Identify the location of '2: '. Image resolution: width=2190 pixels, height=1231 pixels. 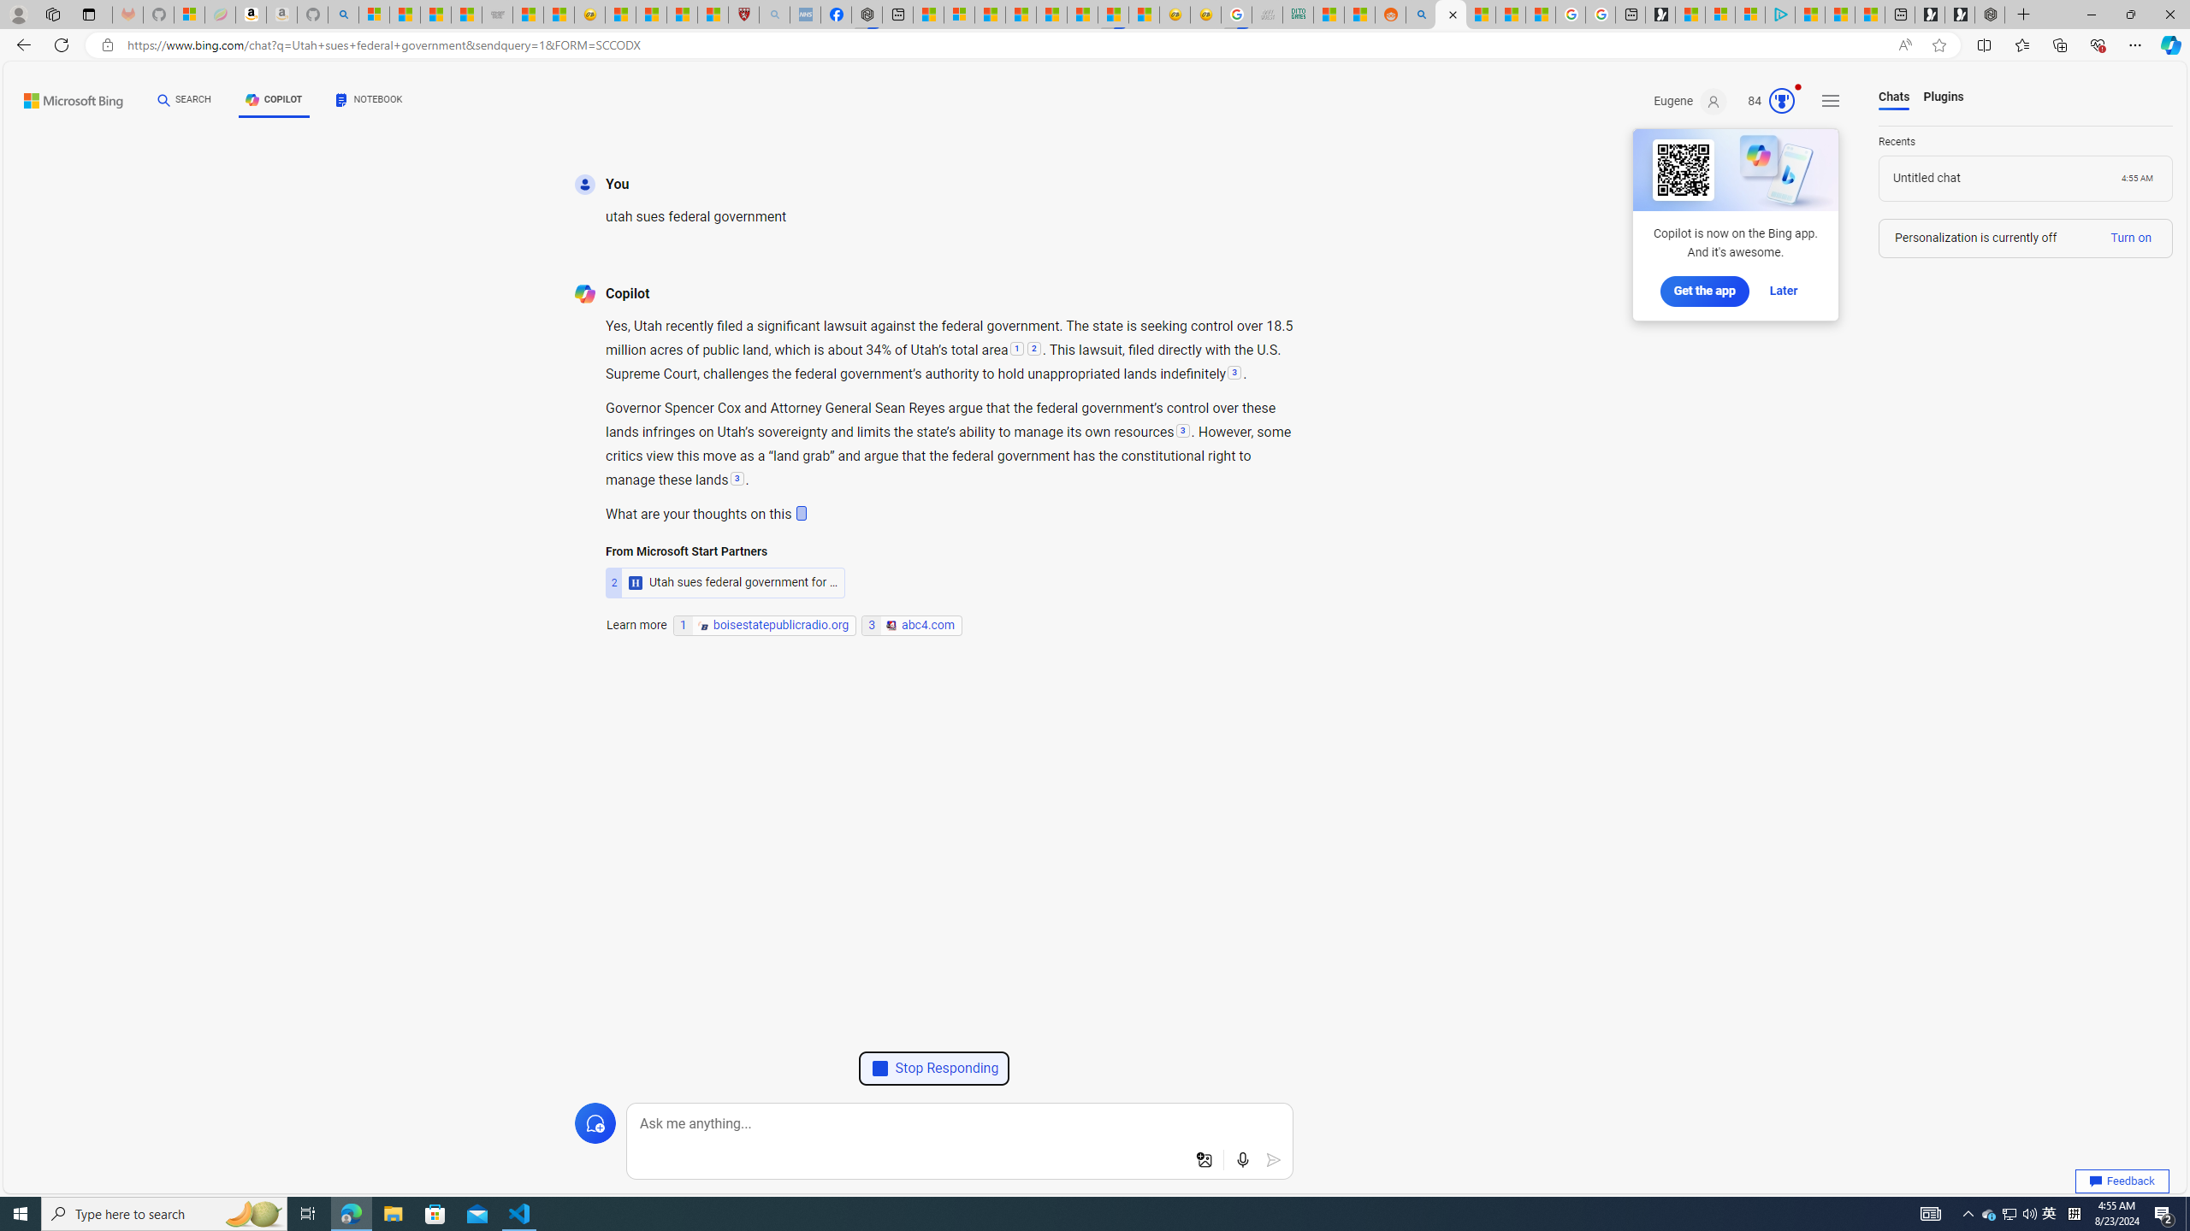
(1033, 350).